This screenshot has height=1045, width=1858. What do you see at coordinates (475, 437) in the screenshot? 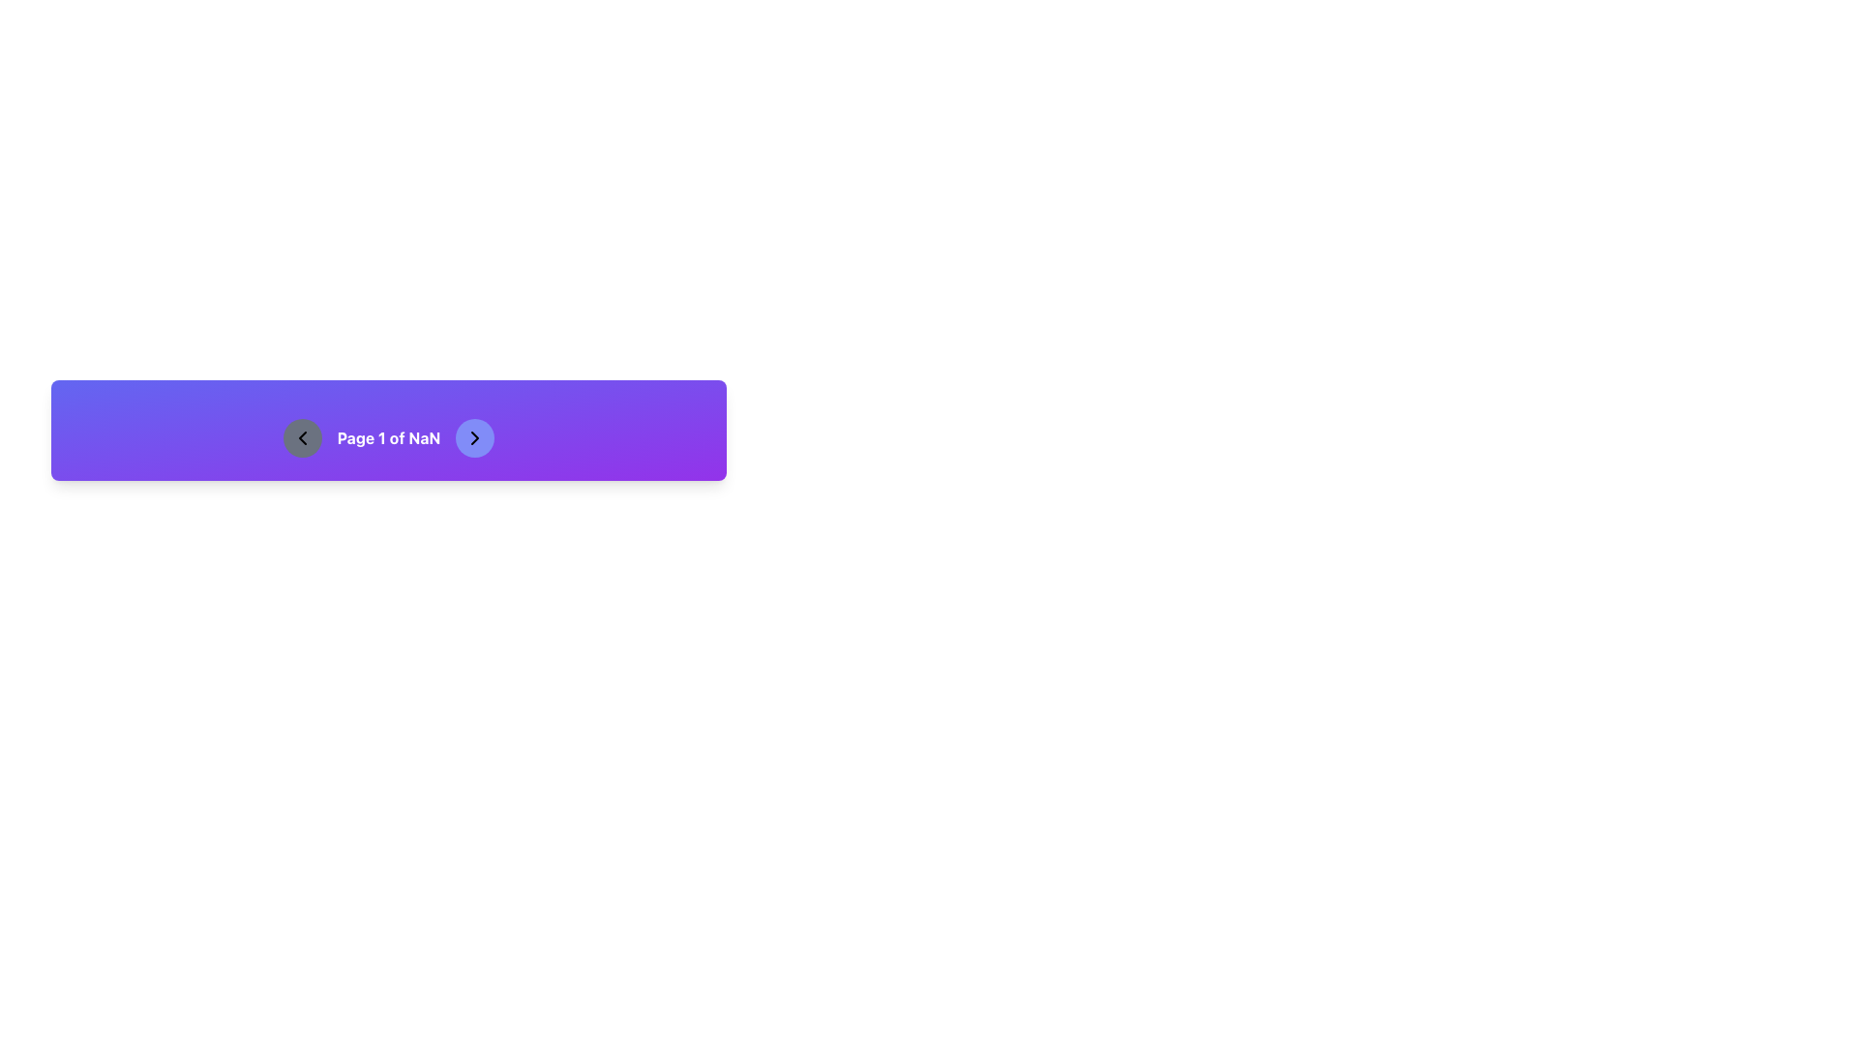
I see `the navigation button located to the right of the 'Page 1 of NaN' text by performing keyboard navigation` at bounding box center [475, 437].